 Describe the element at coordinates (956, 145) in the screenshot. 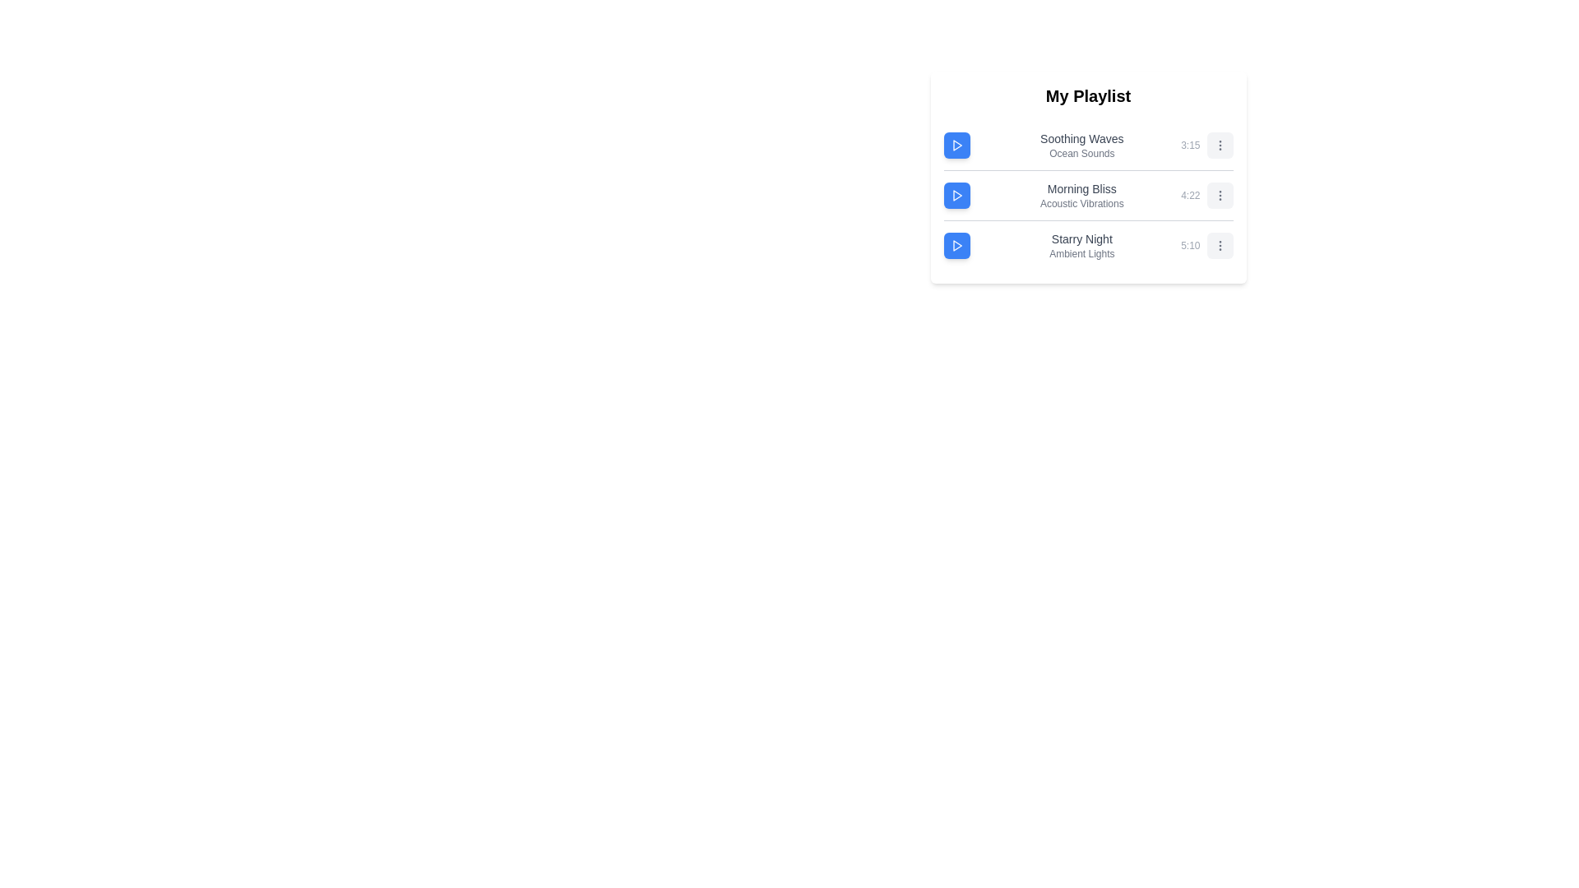

I see `the play icon located in the first row of the playlist, to the left of the text 'Soothing Waves - Ocean Sounds' to play the corresponding audio track` at that location.